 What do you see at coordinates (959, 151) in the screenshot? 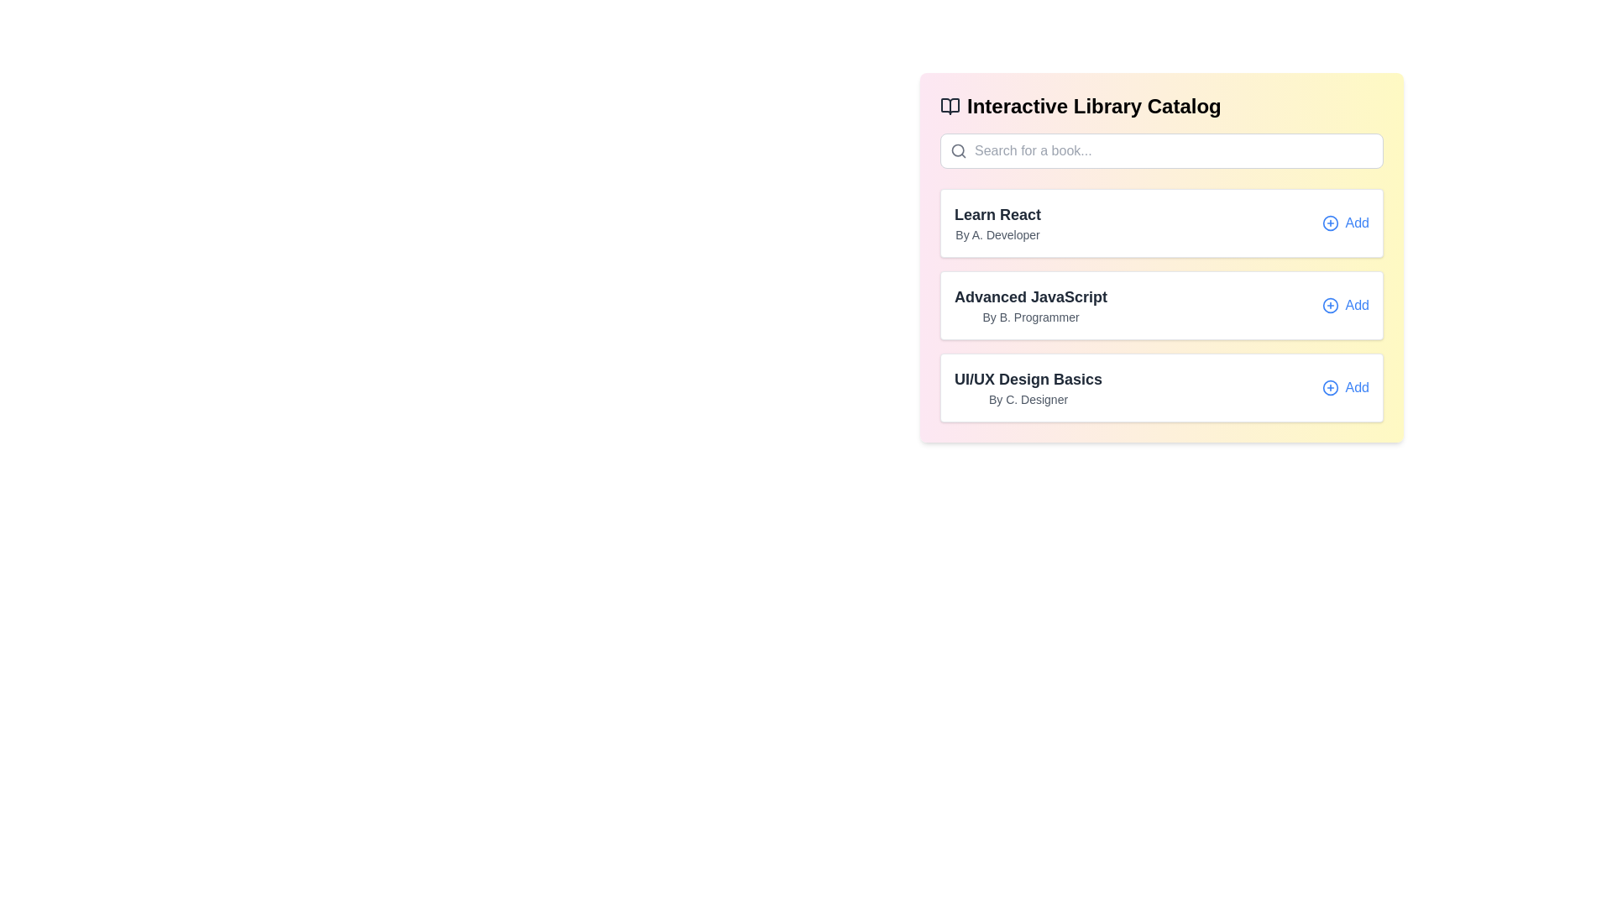
I see `the magnifying glass icon located on the left side of the search input field, adjacent to the placeholder text 'Search for a book...'` at bounding box center [959, 151].